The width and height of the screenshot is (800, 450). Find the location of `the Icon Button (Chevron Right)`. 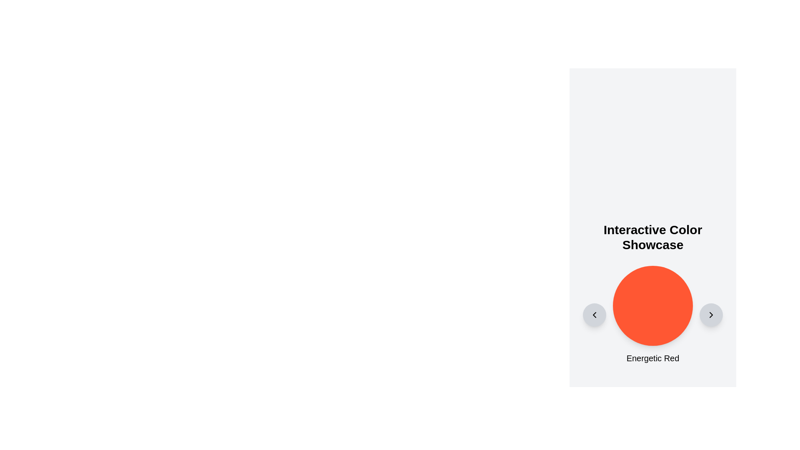

the Icon Button (Chevron Right) is located at coordinates (711, 315).